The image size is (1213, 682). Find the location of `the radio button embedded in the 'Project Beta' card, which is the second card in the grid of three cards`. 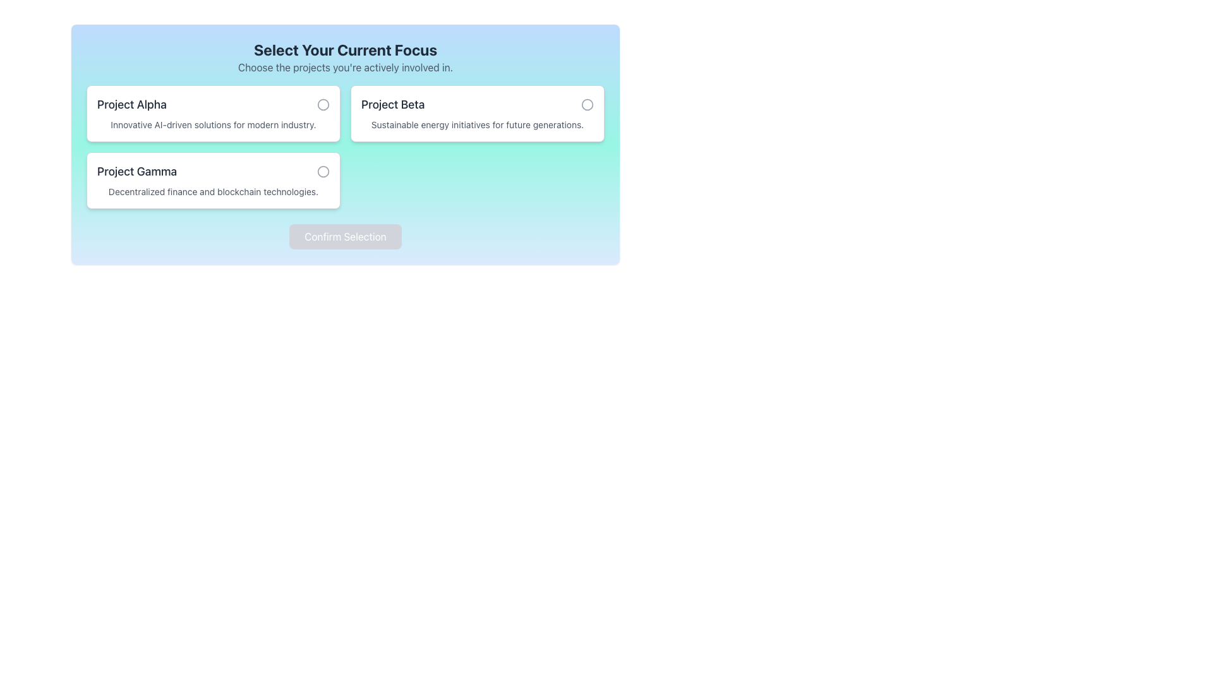

the radio button embedded in the 'Project Beta' card, which is the second card in the grid of three cards is located at coordinates (476, 114).